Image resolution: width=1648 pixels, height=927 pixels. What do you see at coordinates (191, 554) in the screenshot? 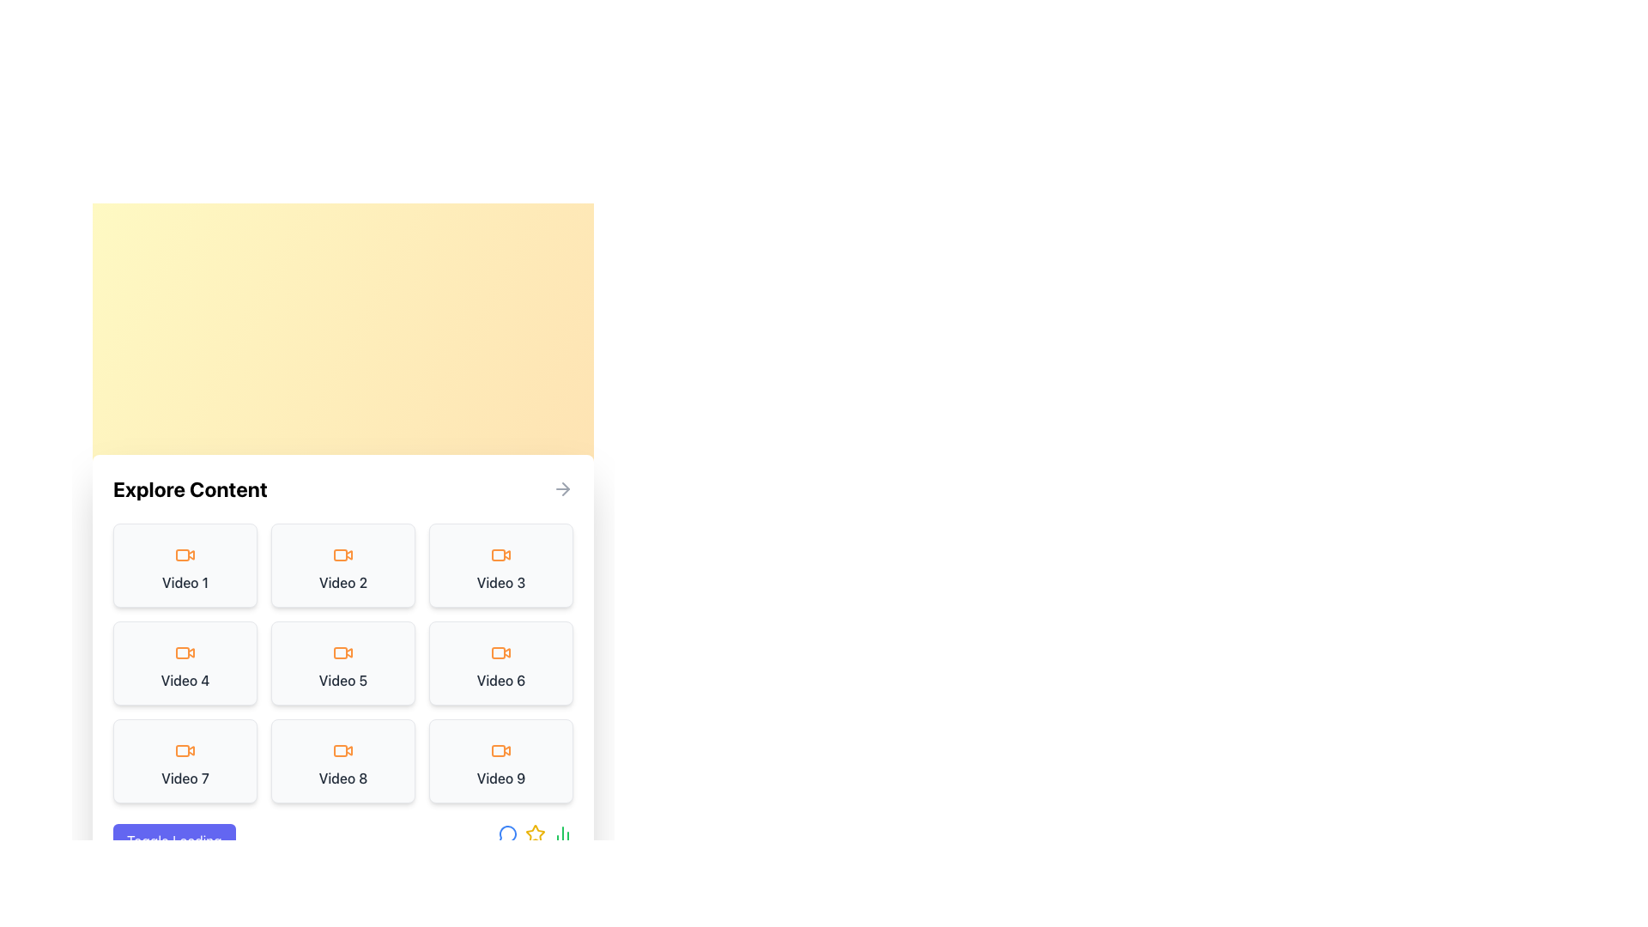
I see `the graphical icon segment of the video icon indicating the option to play the video in the first tile labeled 'Video 1'` at bounding box center [191, 554].